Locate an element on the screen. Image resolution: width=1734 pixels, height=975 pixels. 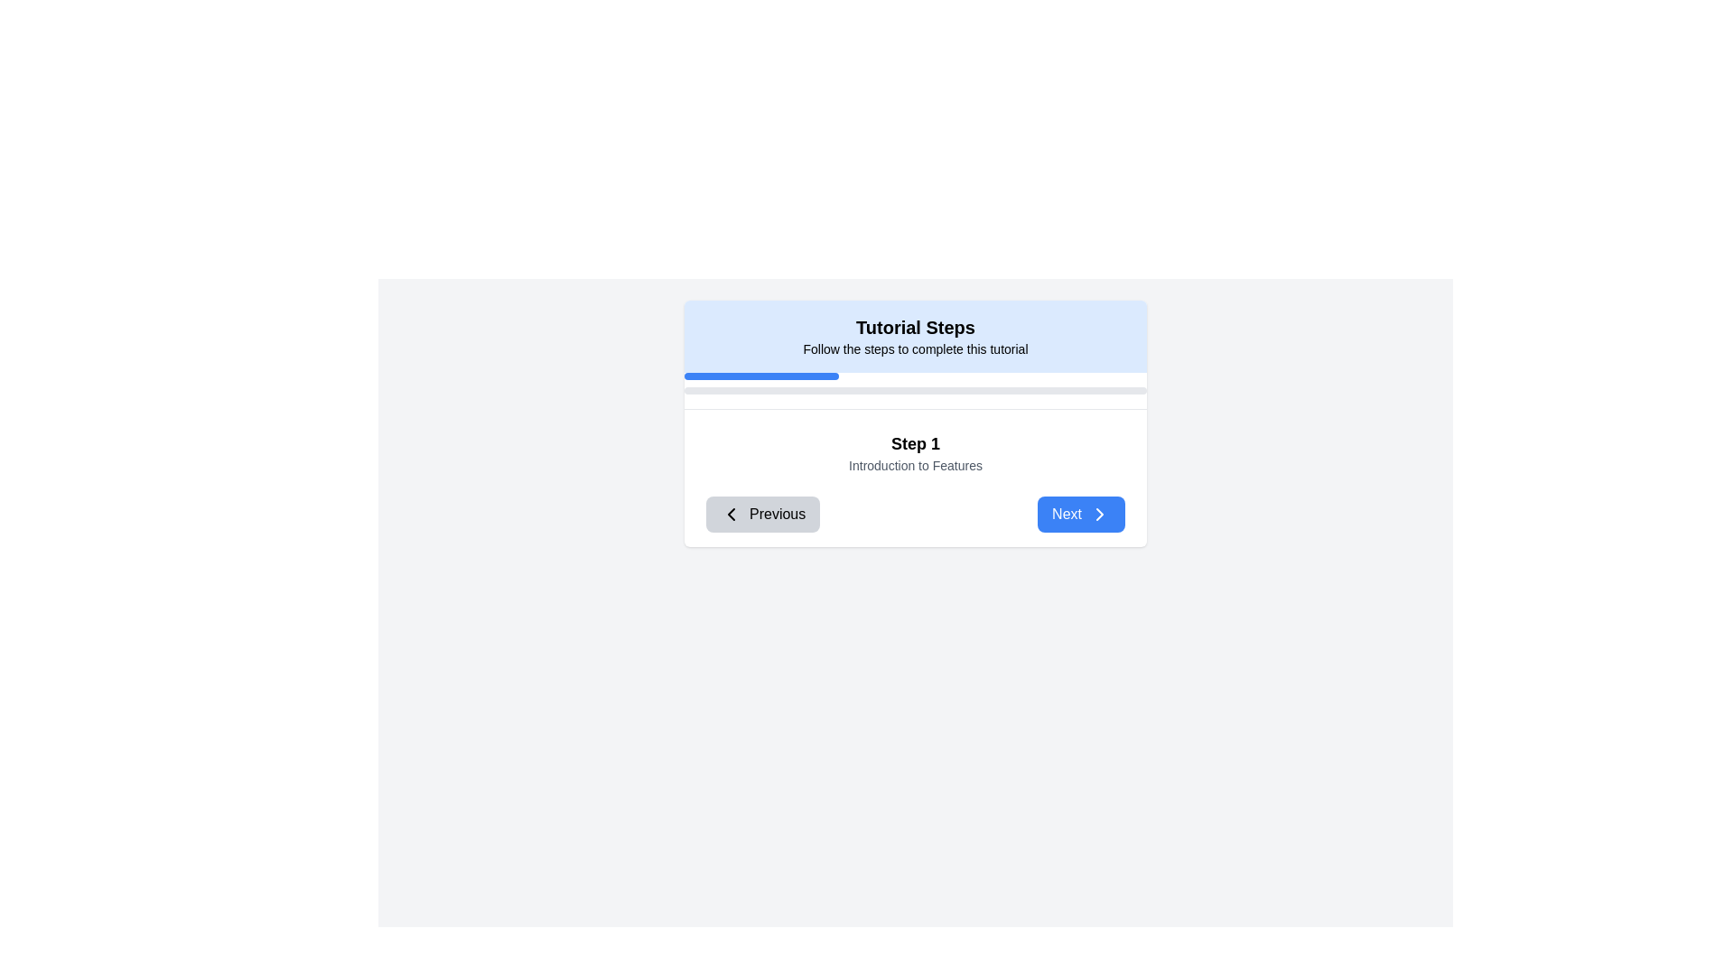
the decorative SVG graphic icon that indicates moving to the previous step in the tutorial, located within the 'Previous' button at the bottom left of the interface is located at coordinates (732, 515).